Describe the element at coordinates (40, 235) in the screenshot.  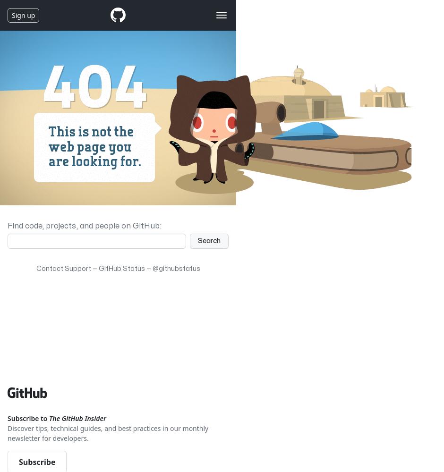
I see `'All features'` at that location.